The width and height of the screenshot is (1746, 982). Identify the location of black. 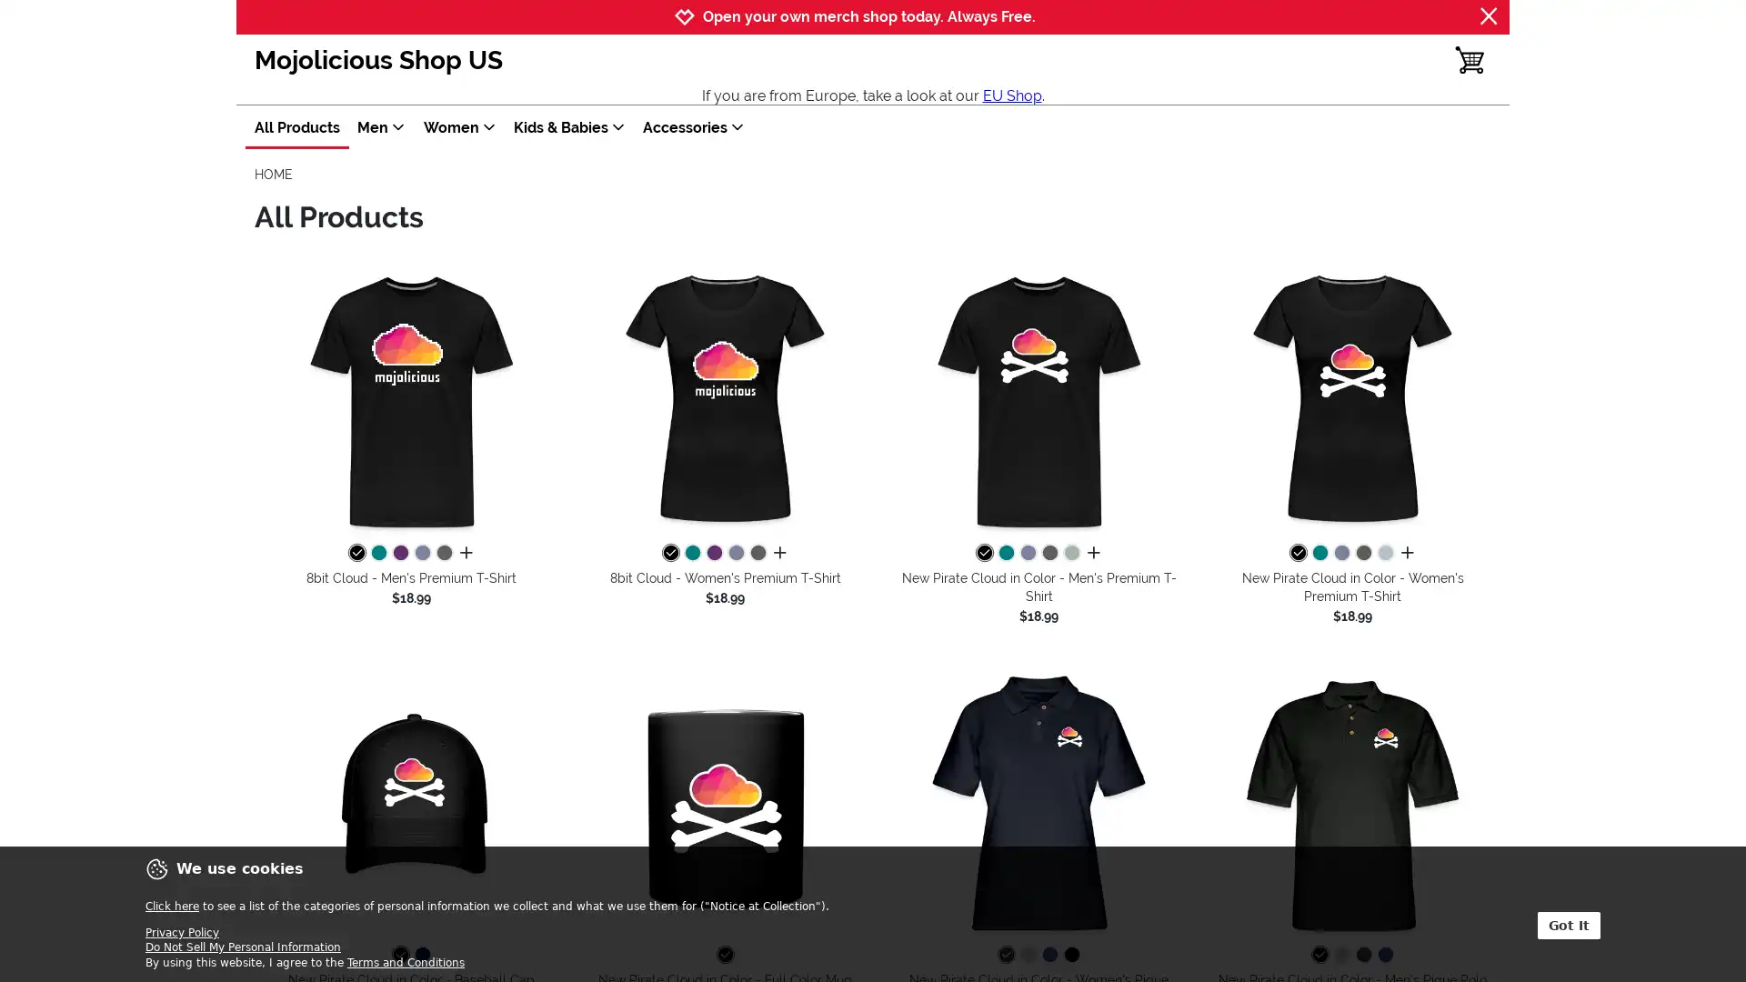
(1296, 553).